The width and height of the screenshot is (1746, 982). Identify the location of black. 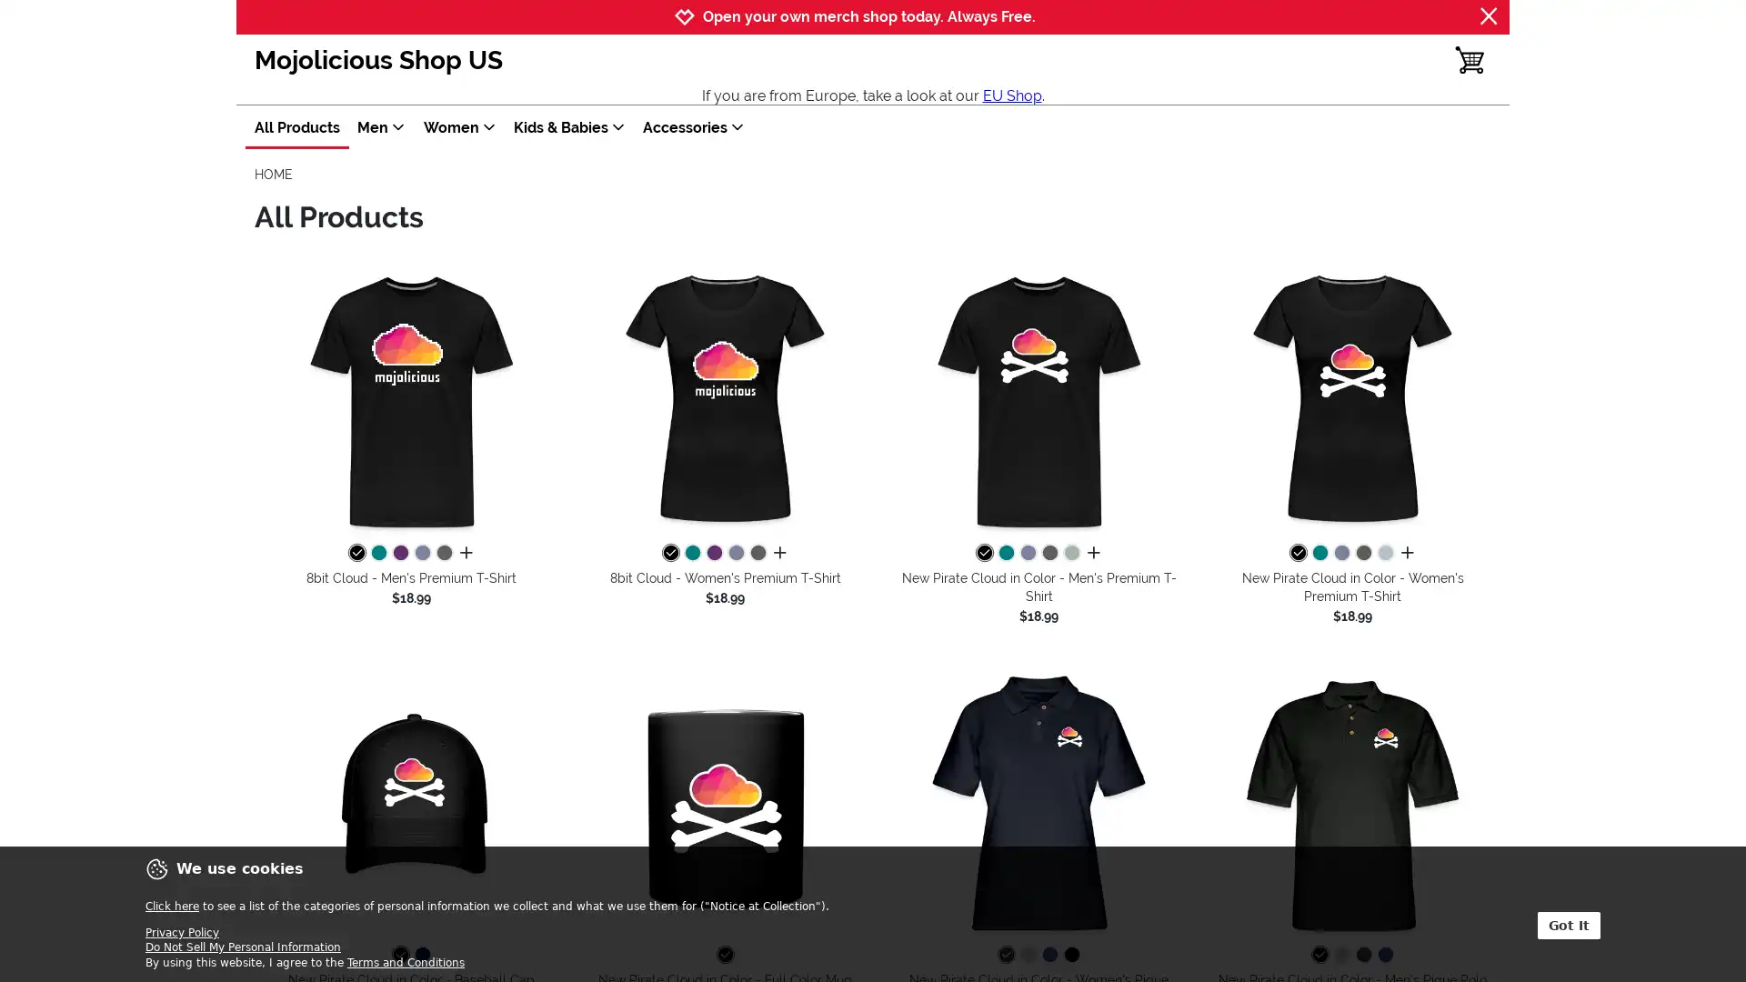
(1296, 553).